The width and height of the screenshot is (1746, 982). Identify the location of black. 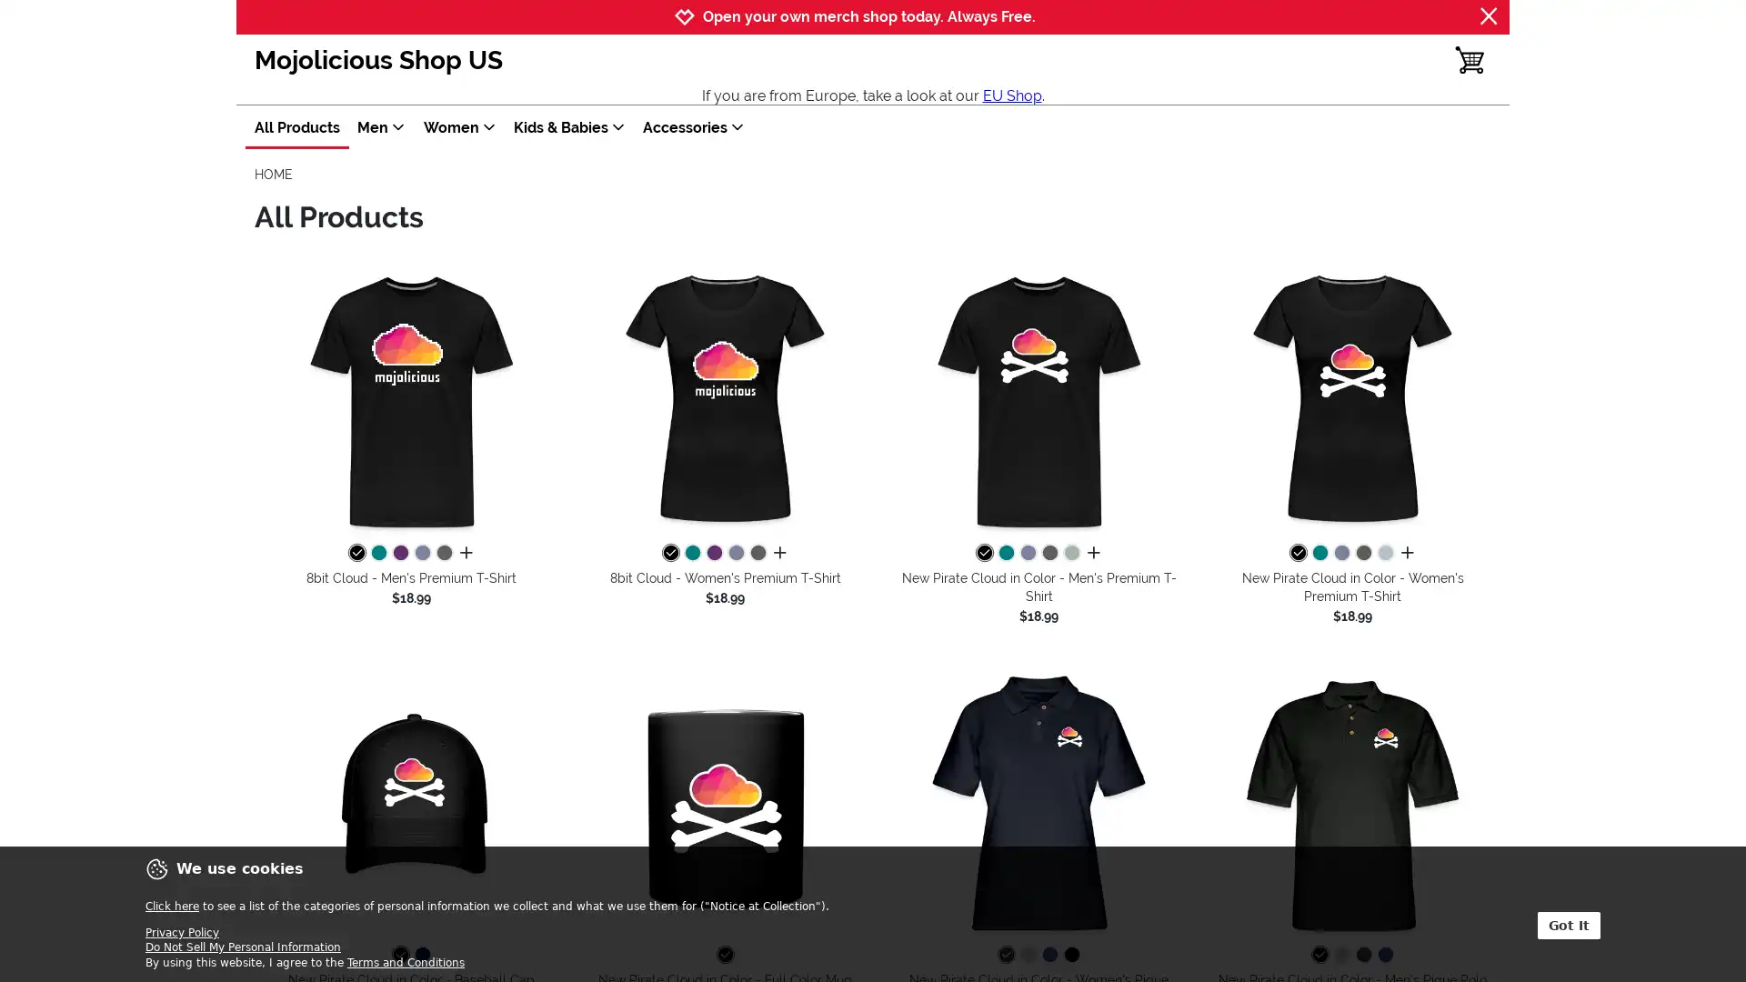
(1296, 553).